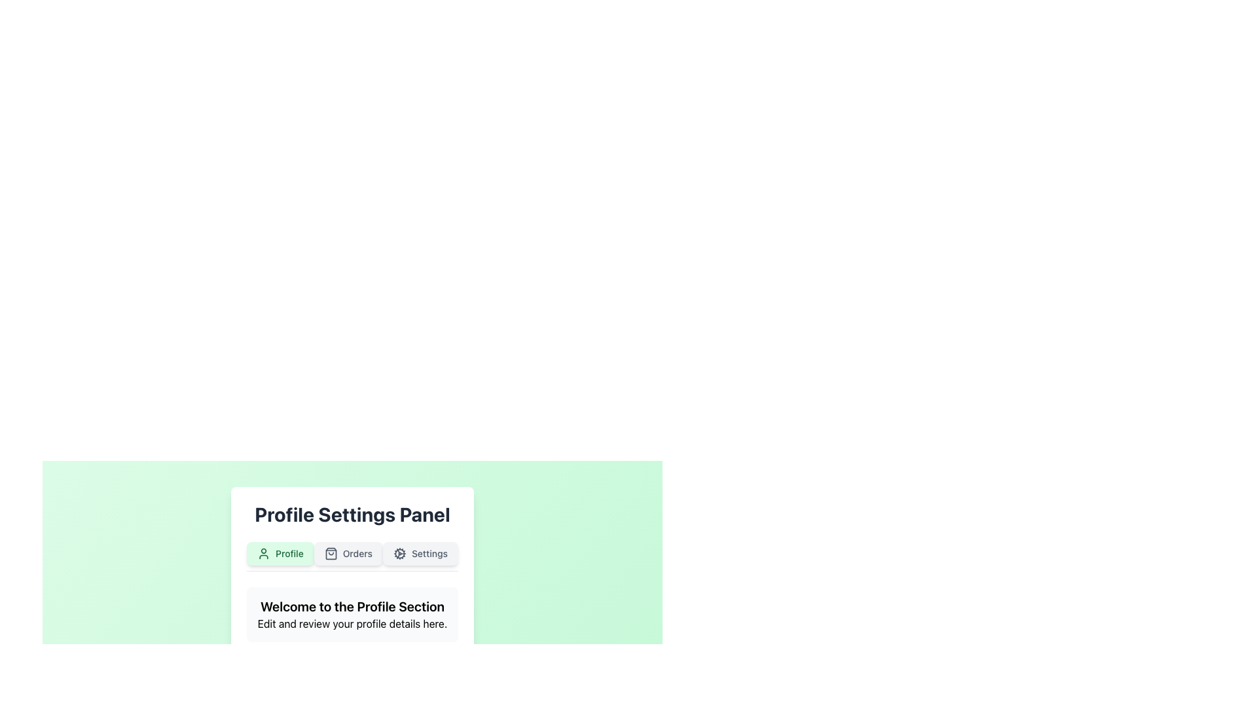  What do you see at coordinates (263, 553) in the screenshot?
I see `the user avatar outline icon inside the 'Profile' button located in the top-left section of the user settings panel` at bounding box center [263, 553].